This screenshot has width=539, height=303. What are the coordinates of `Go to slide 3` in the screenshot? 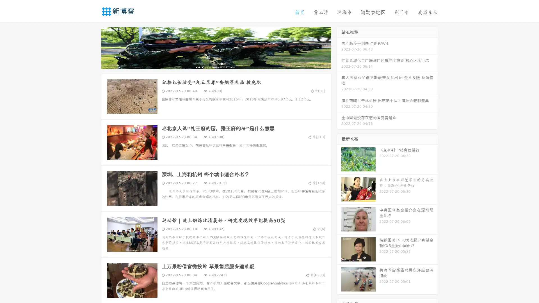 It's located at (221, 63).